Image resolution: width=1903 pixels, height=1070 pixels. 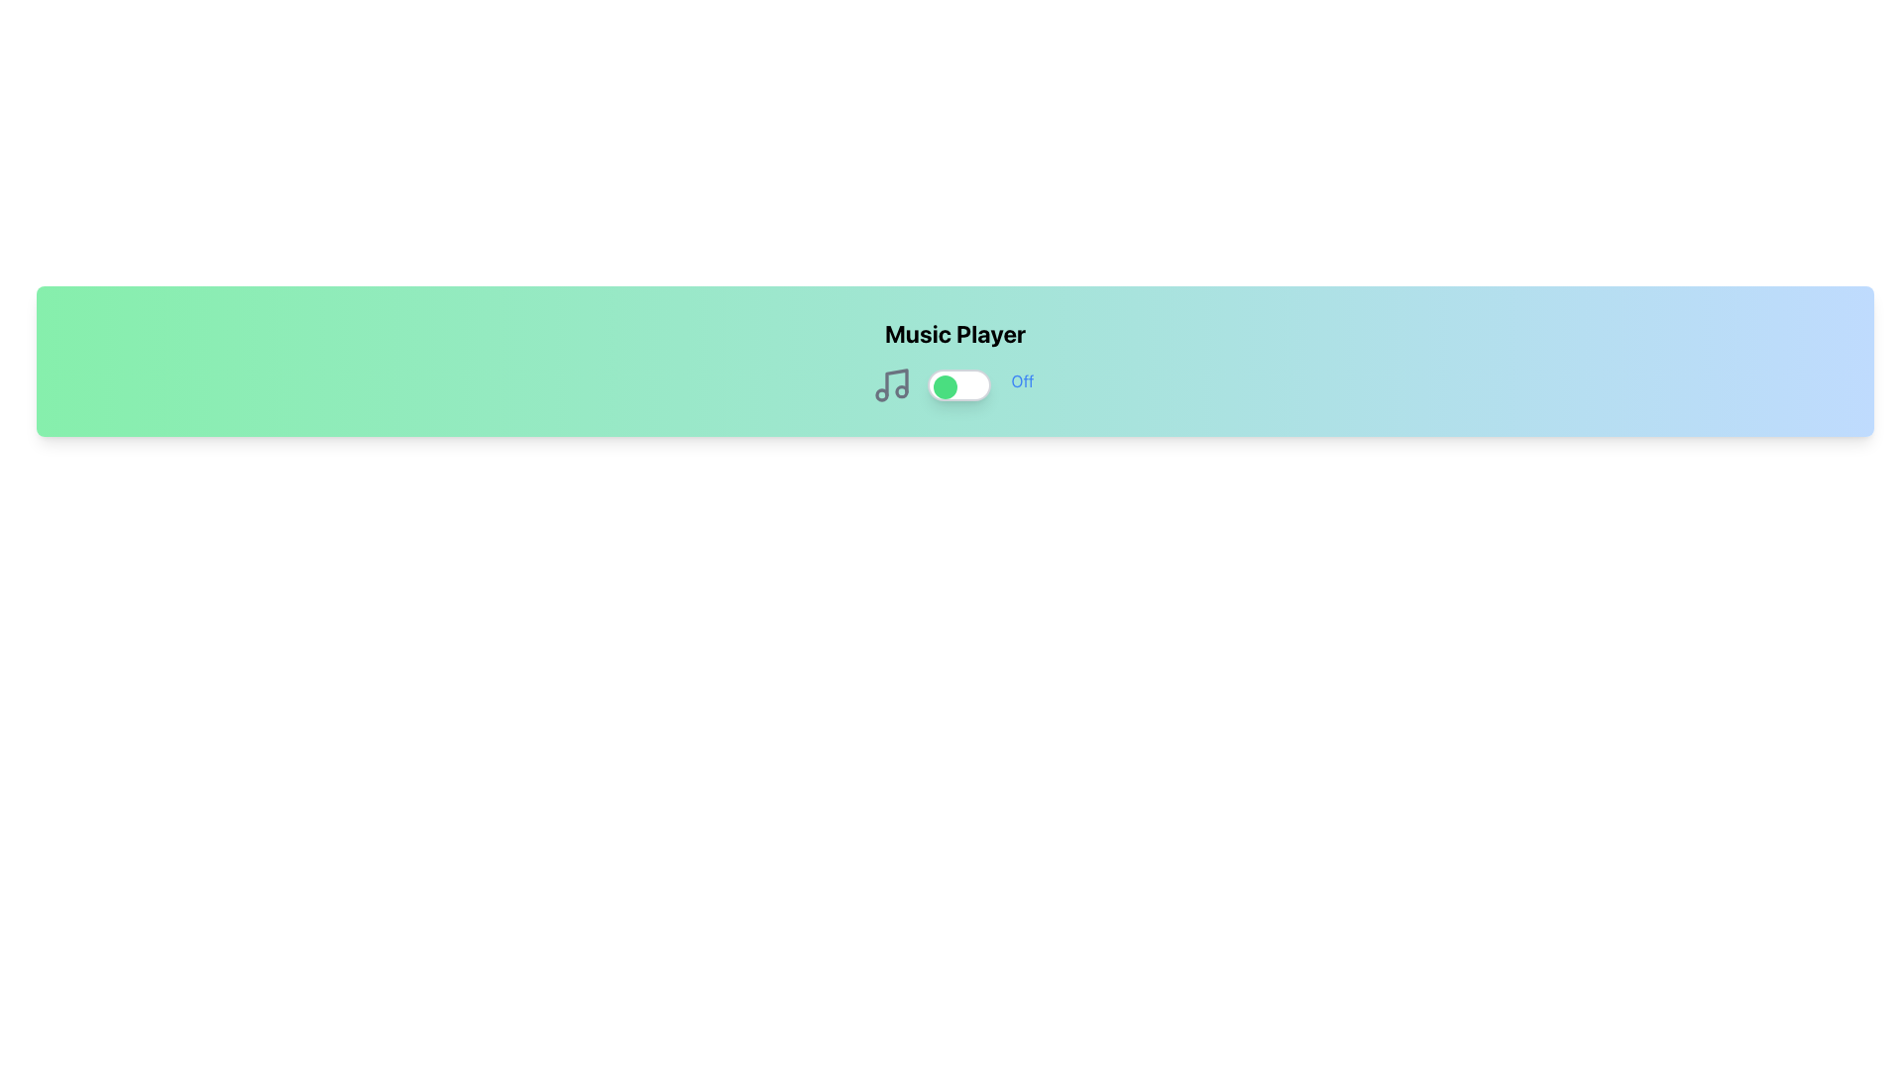 I want to click on the 'Off' text label styled in blue font, located at the end of a horizontal arrangement of music player controls including a musical note icon and a toggle switch, so click(x=1023, y=385).